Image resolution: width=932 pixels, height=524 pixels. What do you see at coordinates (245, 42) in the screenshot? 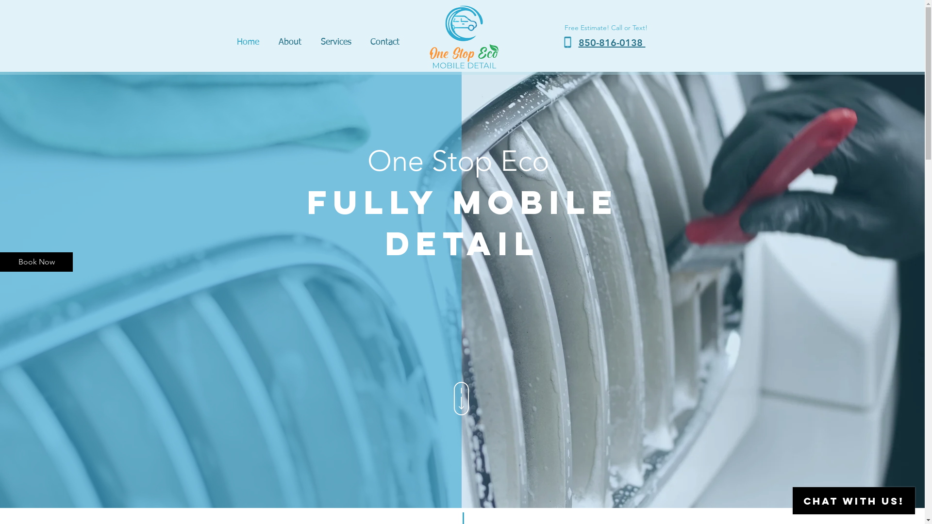
I see `'Home'` at bounding box center [245, 42].